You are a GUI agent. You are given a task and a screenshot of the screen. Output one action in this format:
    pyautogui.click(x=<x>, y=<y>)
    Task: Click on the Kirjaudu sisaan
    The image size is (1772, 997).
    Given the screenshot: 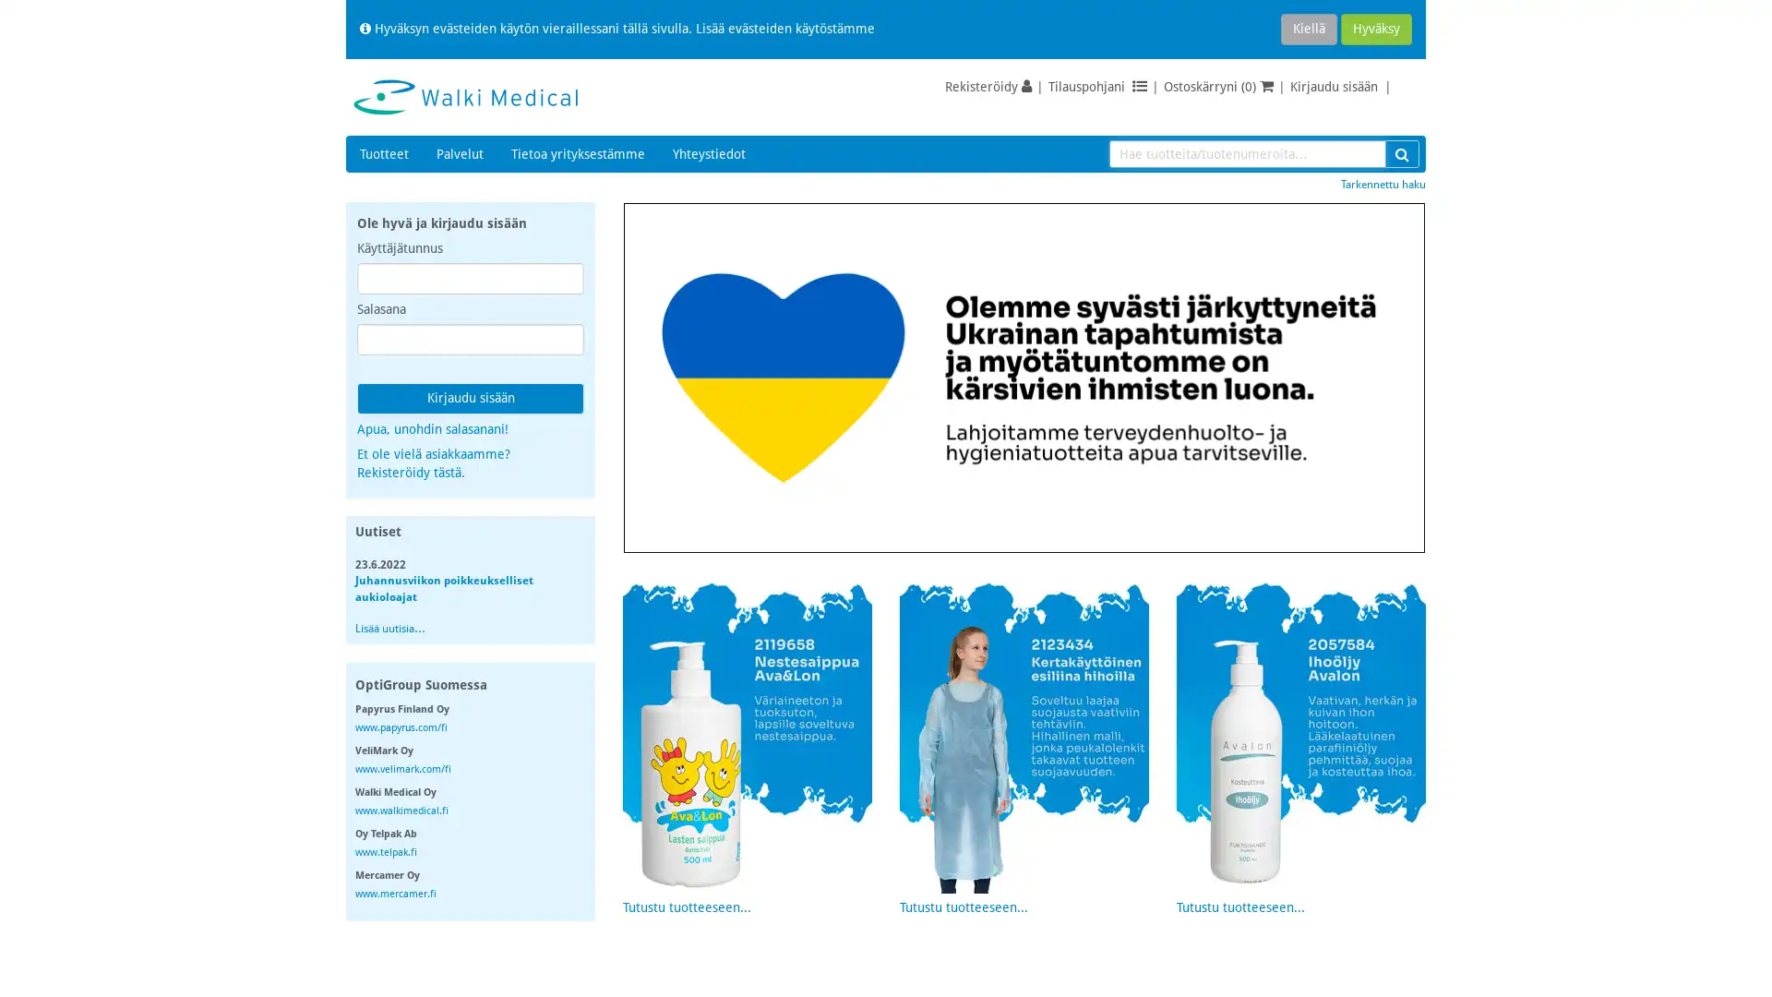 What is the action you would take?
    pyautogui.click(x=470, y=398)
    